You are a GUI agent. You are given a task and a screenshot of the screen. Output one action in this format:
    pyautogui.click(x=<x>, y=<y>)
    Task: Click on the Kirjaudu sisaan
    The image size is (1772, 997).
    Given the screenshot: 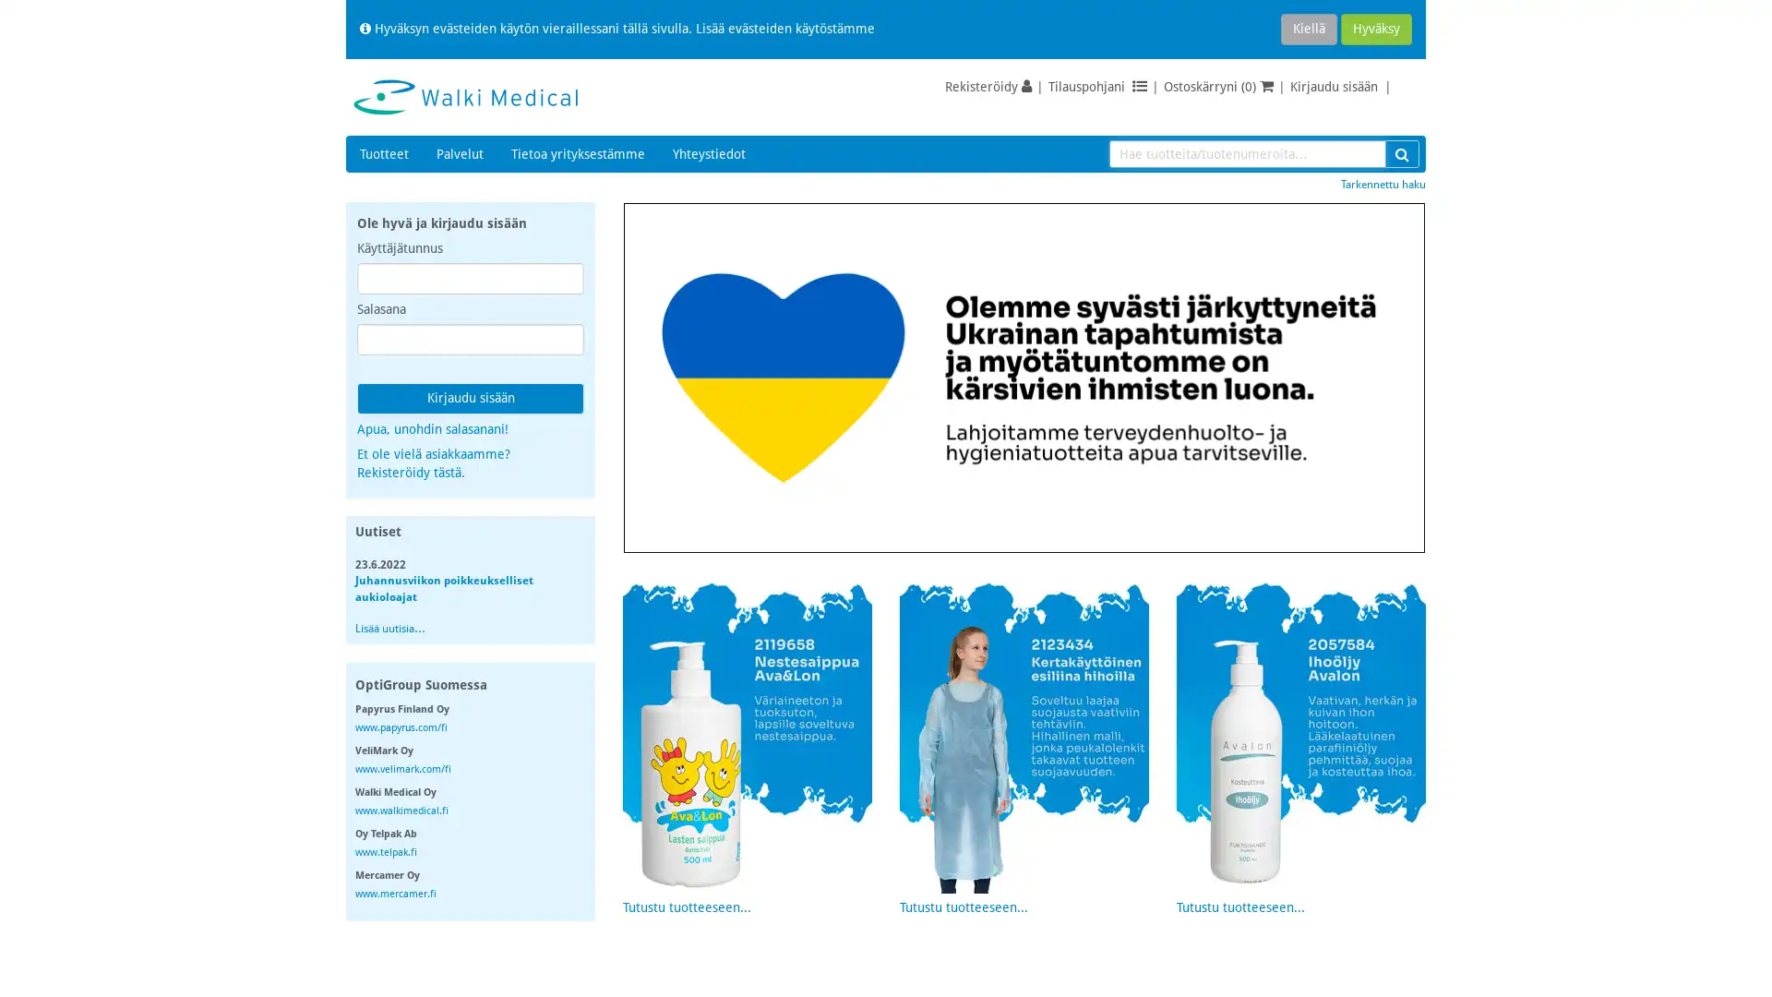 What is the action you would take?
    pyautogui.click(x=470, y=398)
    